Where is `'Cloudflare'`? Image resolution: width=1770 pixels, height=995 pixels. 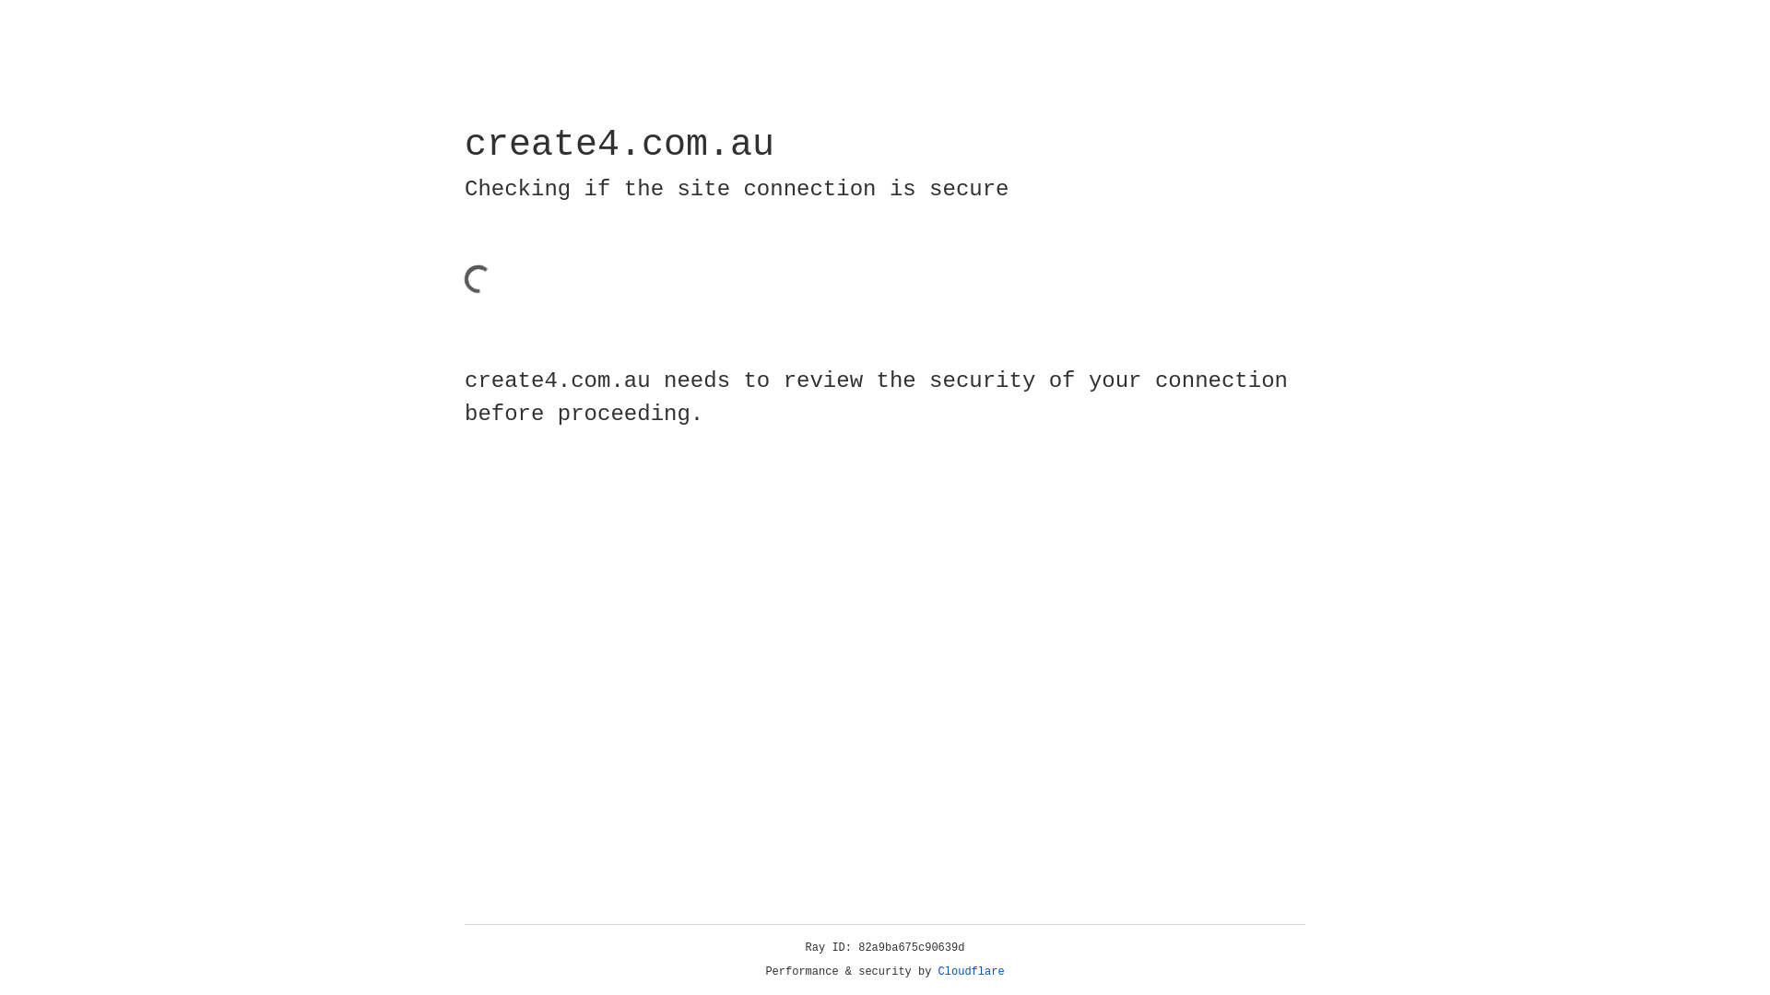 'Cloudflare' is located at coordinates (938, 971).